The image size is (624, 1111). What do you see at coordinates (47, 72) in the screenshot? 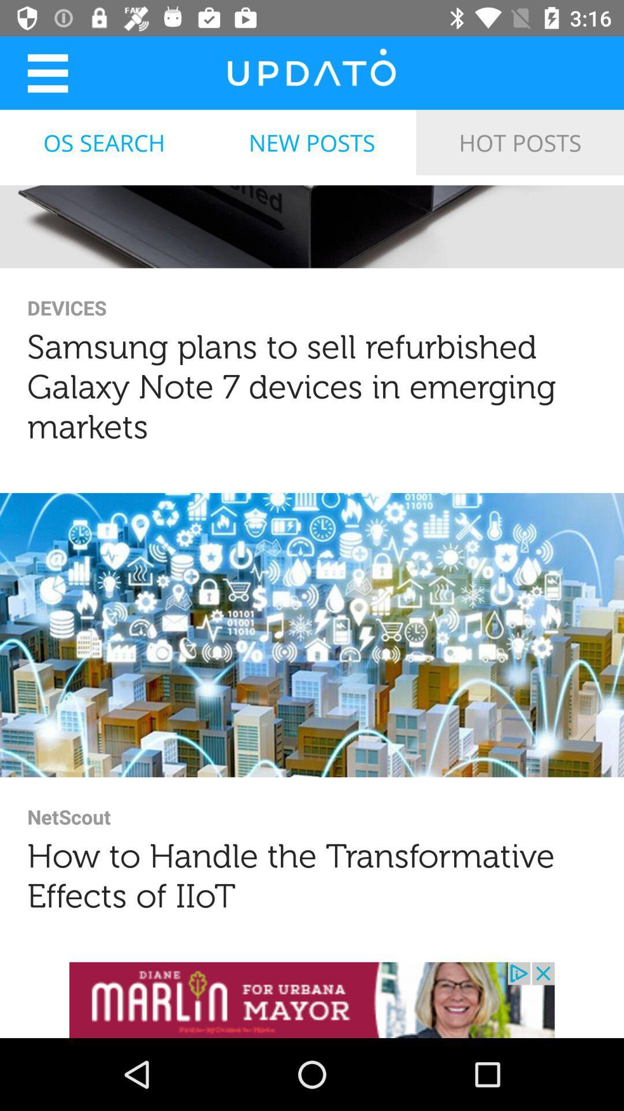
I see `option menu dropdown` at bounding box center [47, 72].